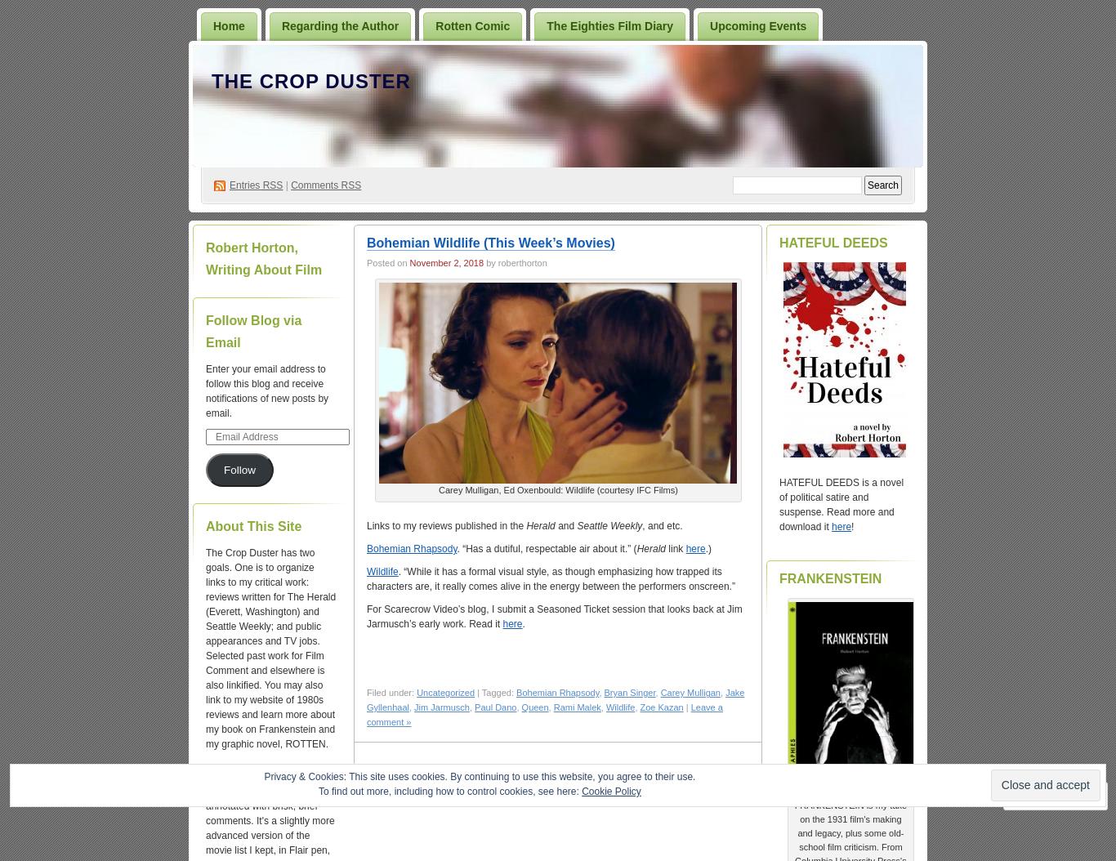  Describe the element at coordinates (565, 525) in the screenshot. I see `'and'` at that location.